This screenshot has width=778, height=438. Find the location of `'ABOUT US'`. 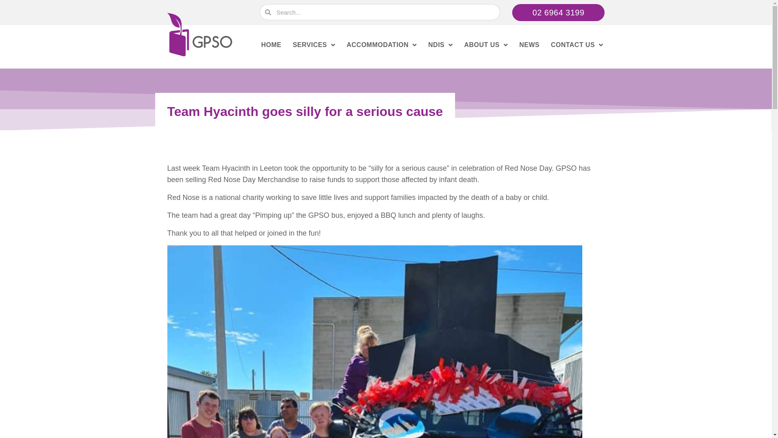

'ABOUT US' is located at coordinates (486, 45).